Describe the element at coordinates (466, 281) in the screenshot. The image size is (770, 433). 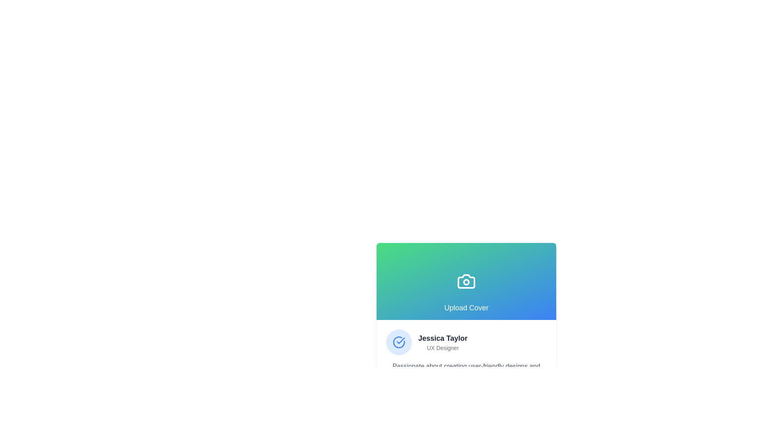
I see `the camera outline SVG icon, which is a white representation of a camera centrally placed above the 'Upload Cover' text in a gradient background` at that location.